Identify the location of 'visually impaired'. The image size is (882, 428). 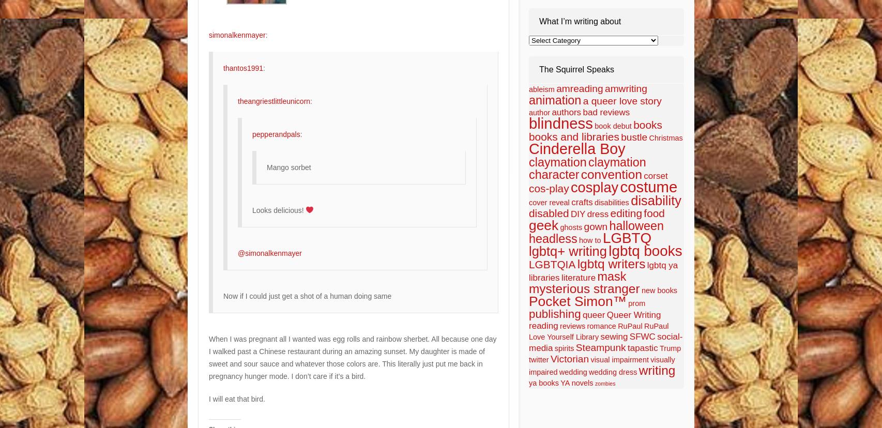
(602, 366).